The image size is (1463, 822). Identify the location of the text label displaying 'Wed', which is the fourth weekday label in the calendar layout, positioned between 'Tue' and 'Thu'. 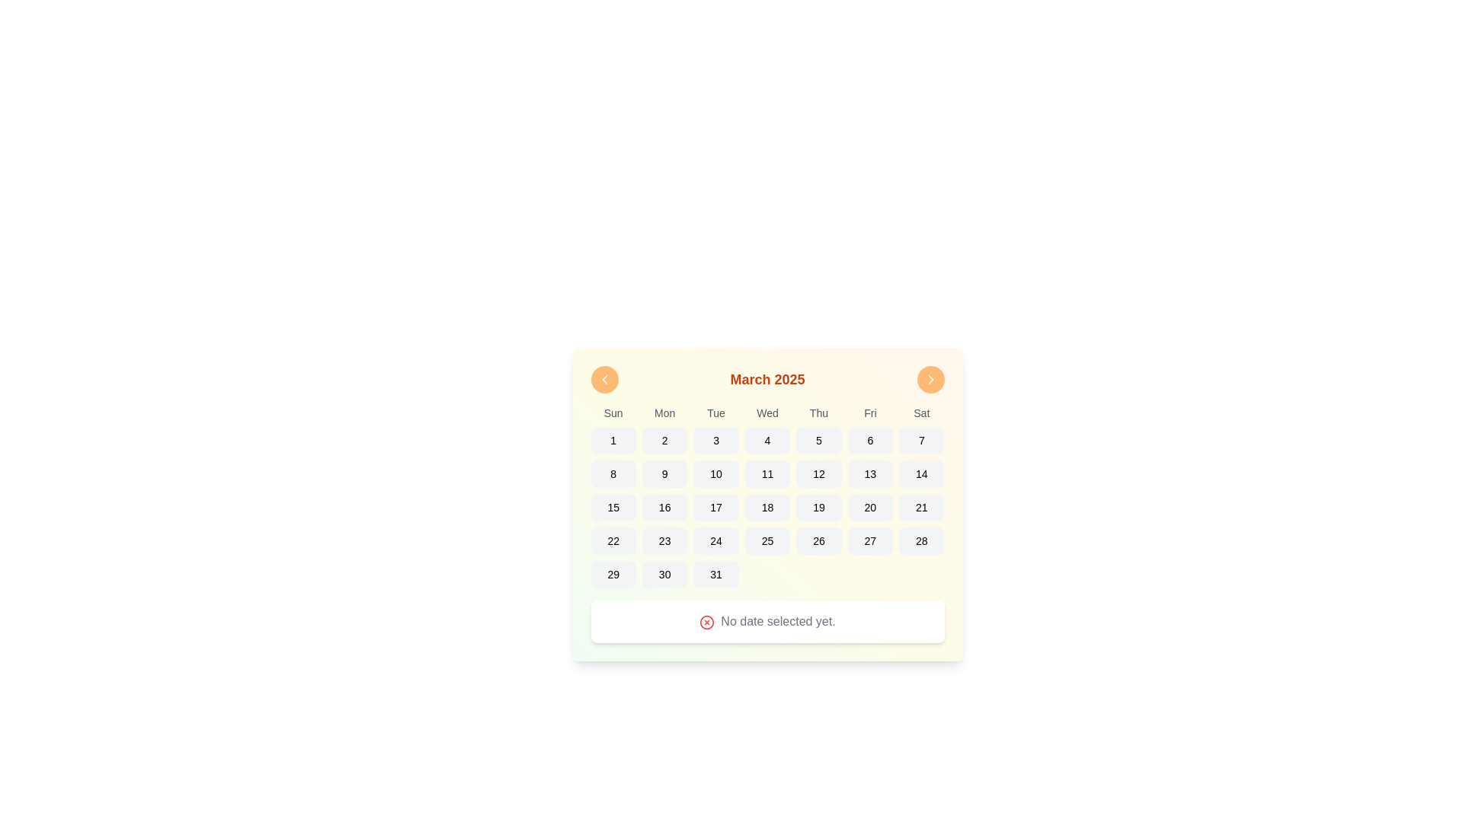
(767, 413).